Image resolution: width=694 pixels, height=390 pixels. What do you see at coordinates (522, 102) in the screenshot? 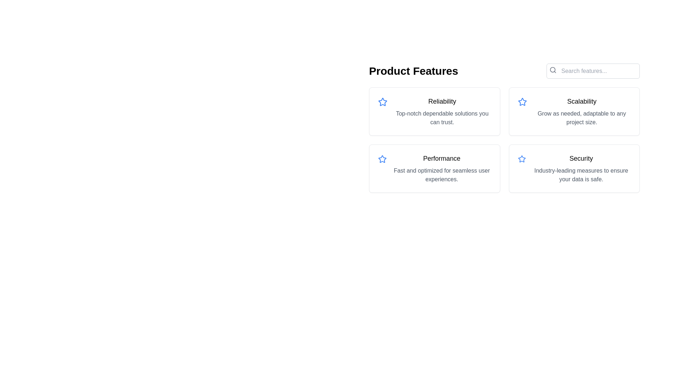
I see `the scalability icon located in the top right quadrant of the grid layout` at bounding box center [522, 102].